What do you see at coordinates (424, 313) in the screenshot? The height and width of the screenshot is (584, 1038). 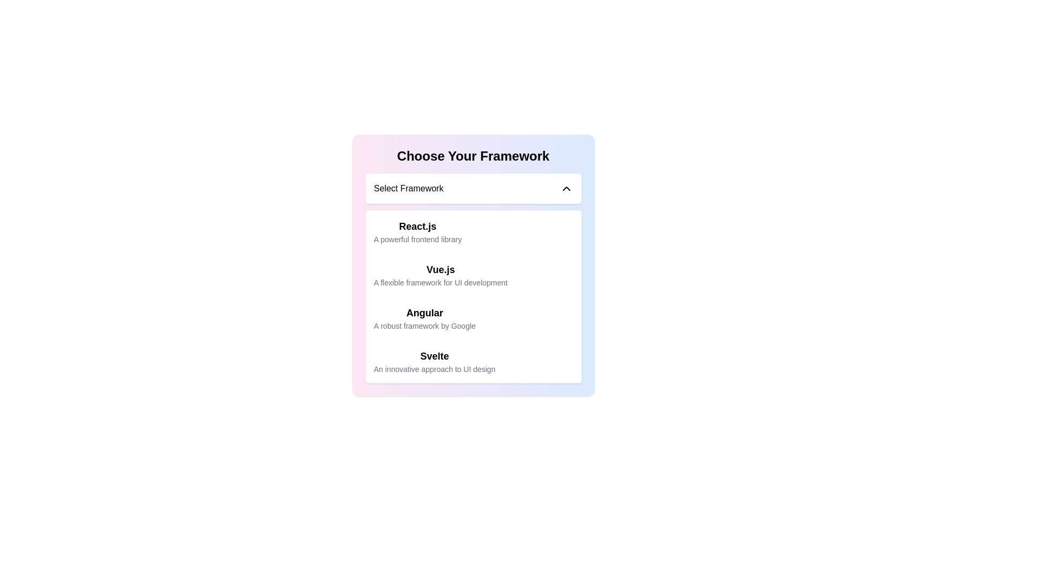 I see `the text label element displaying 'Angular', which is centrally located and visually distinct due to its bold and larger font size` at bounding box center [424, 313].